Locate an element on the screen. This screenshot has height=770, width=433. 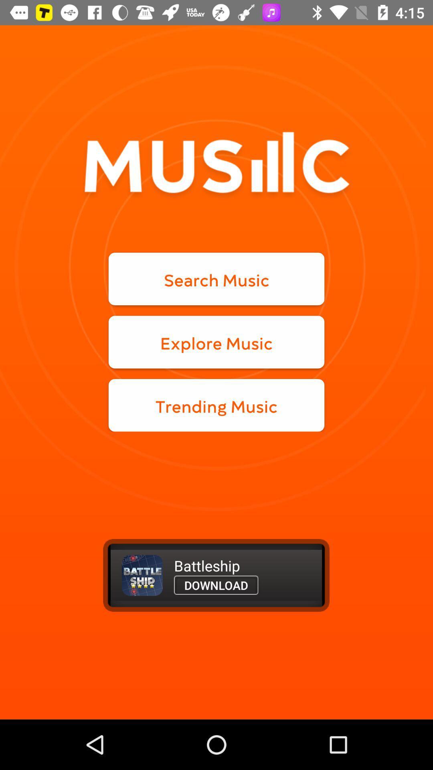
explore music item is located at coordinates (216, 342).